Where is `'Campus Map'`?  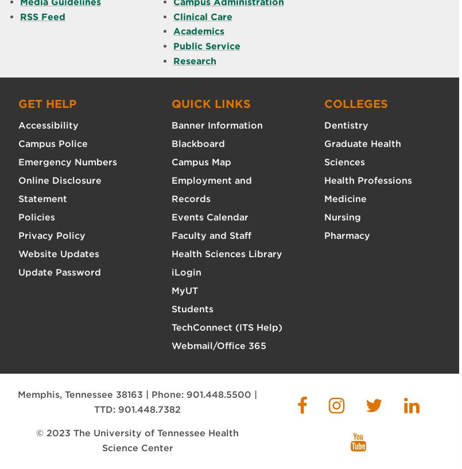 'Campus Map' is located at coordinates (201, 162).